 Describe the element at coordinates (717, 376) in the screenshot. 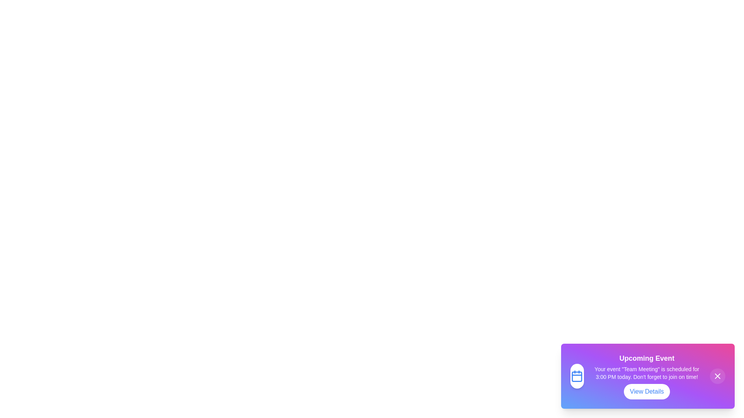

I see `the close button to dismiss the notification` at that location.